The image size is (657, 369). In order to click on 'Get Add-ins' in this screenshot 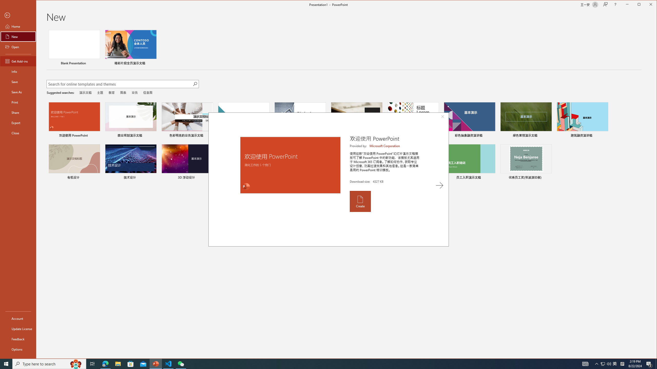, I will do `click(18, 61)`.